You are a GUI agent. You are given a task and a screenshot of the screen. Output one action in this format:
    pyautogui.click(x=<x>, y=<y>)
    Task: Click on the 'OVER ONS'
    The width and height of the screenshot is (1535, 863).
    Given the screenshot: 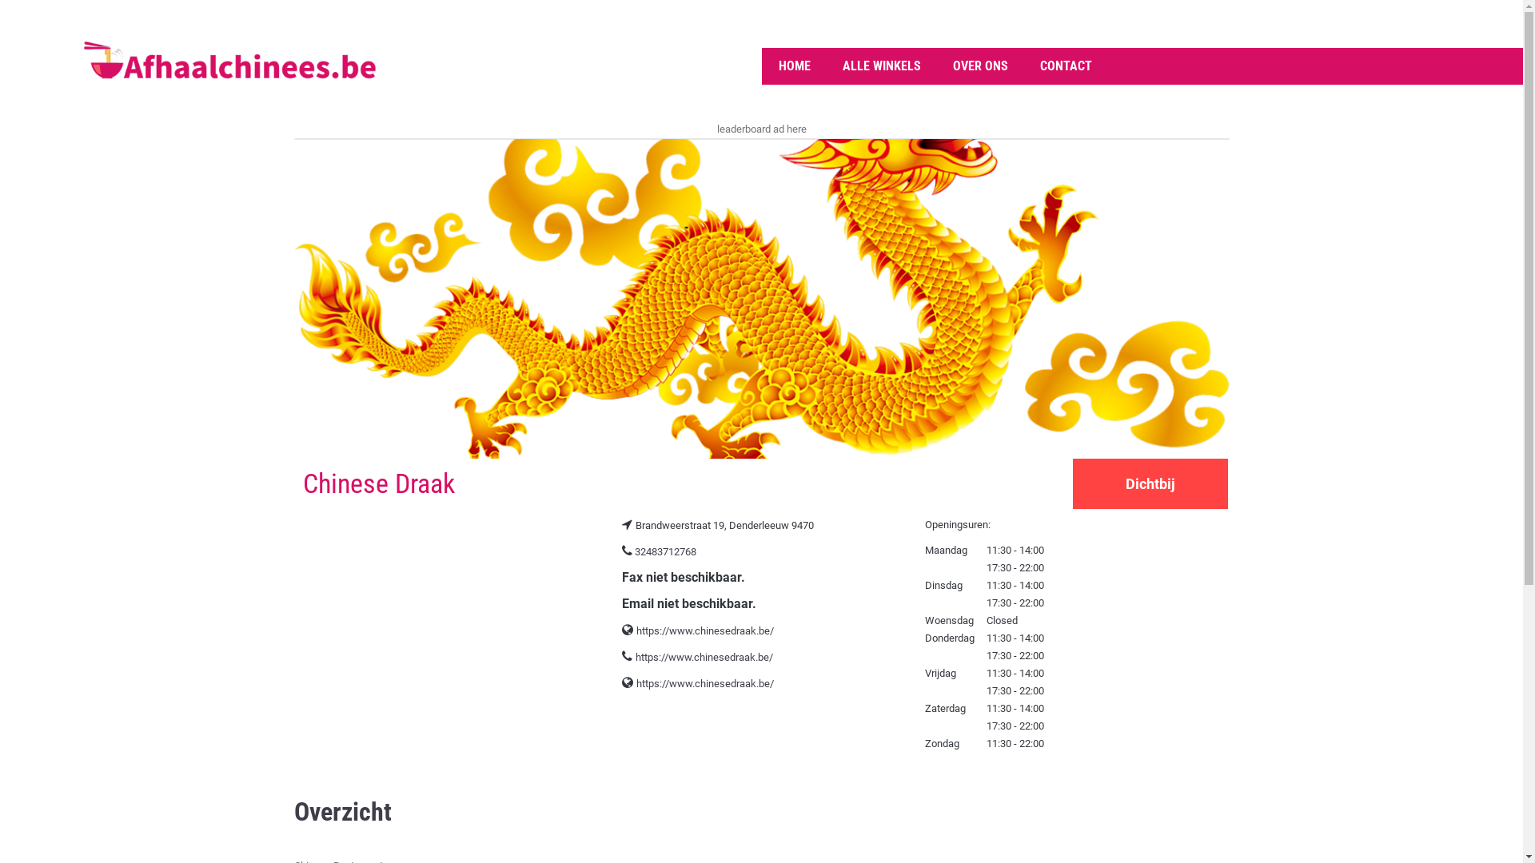 What is the action you would take?
    pyautogui.click(x=979, y=66)
    